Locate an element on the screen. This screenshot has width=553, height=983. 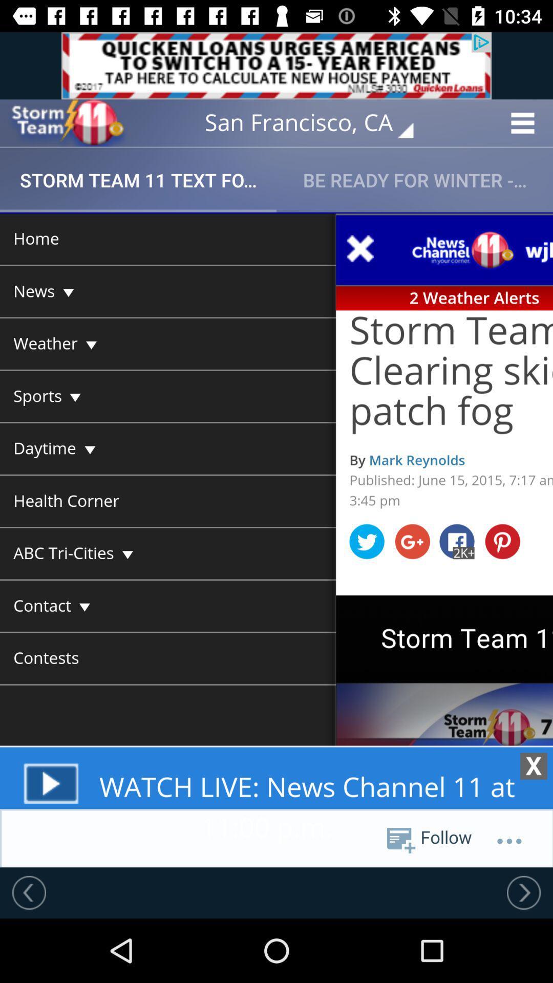
open home page is located at coordinates (67, 123).